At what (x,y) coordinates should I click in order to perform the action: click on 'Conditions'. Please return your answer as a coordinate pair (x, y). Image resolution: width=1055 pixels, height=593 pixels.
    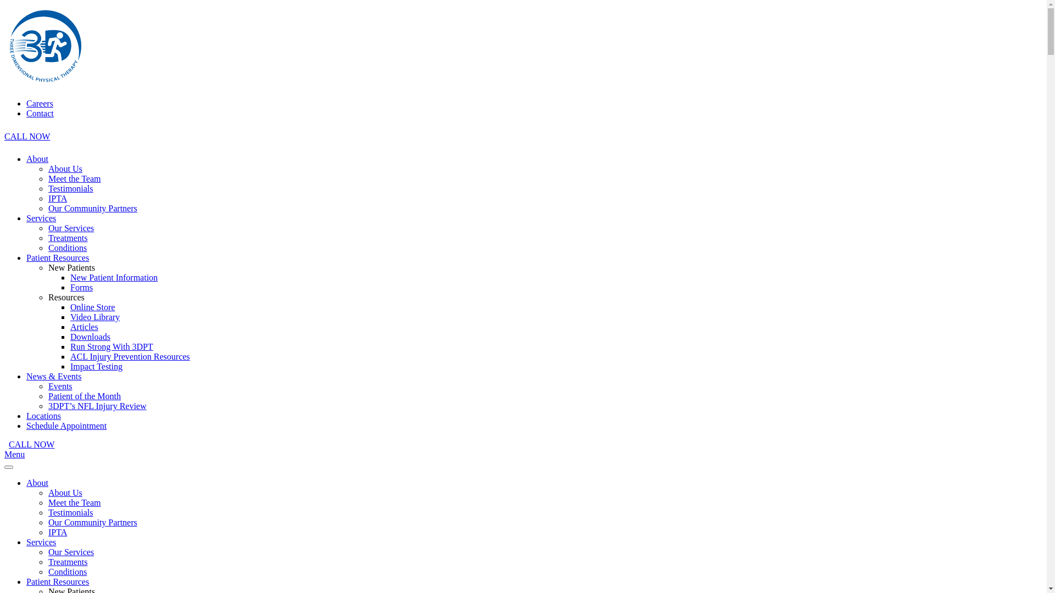
    Looking at the image, I should click on (67, 571).